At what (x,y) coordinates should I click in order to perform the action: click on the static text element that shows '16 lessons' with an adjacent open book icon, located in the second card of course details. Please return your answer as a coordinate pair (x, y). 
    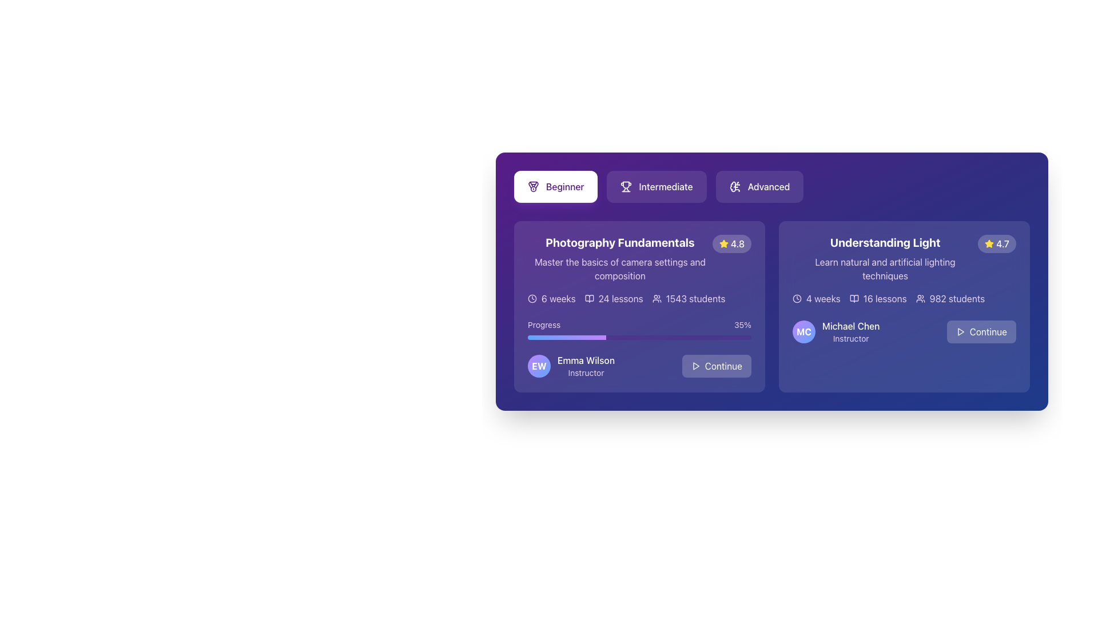
    Looking at the image, I should click on (877, 298).